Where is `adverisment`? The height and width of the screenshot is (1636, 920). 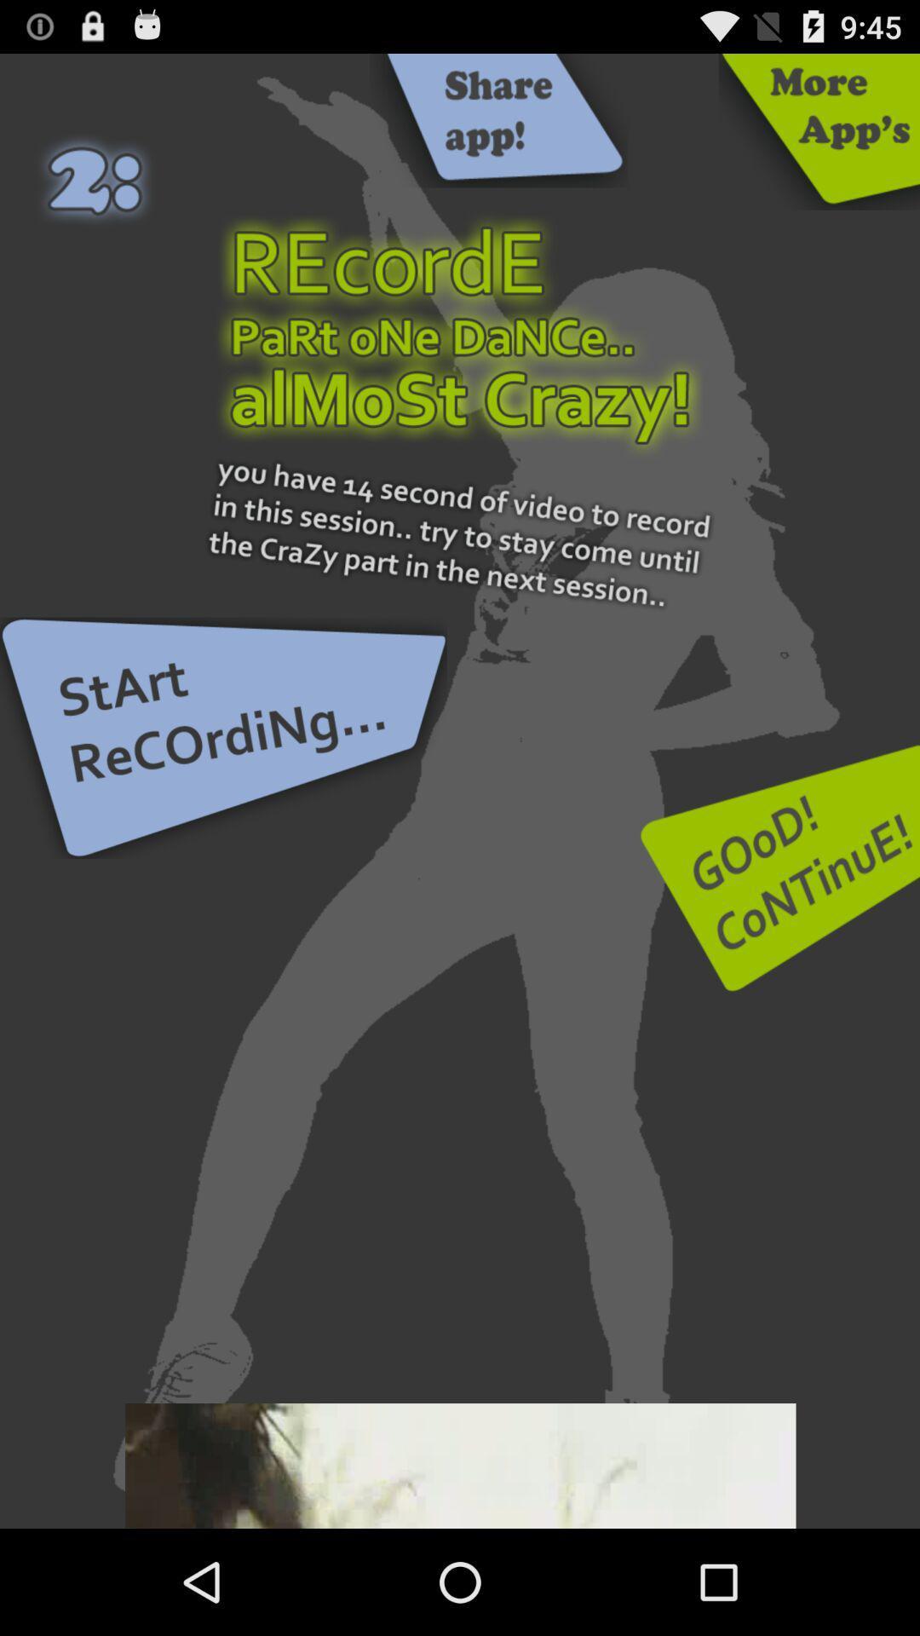
adverisment is located at coordinates (460, 1465).